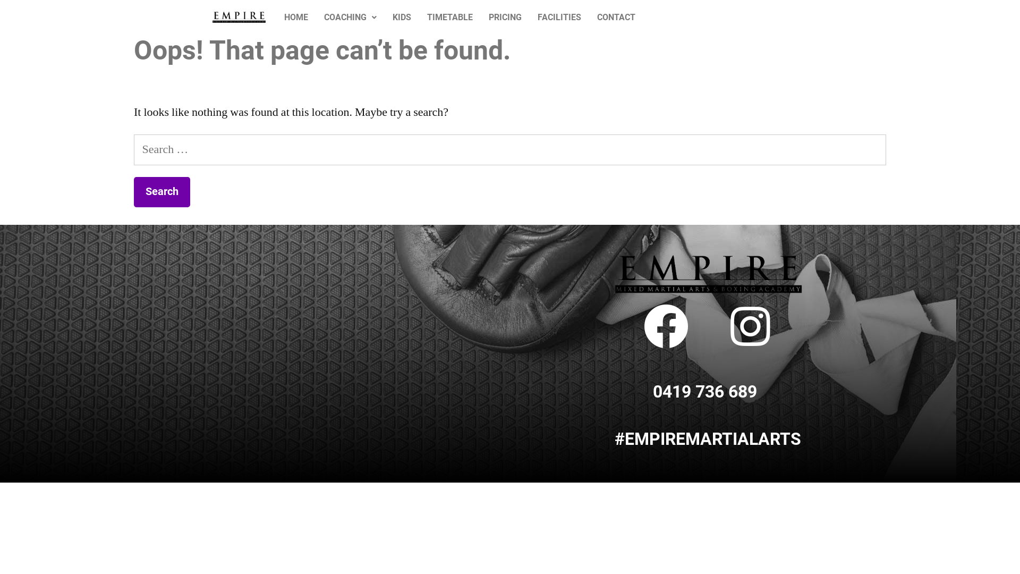 This screenshot has height=574, width=1020. Describe the element at coordinates (401, 18) in the screenshot. I see `'KIDS'` at that location.